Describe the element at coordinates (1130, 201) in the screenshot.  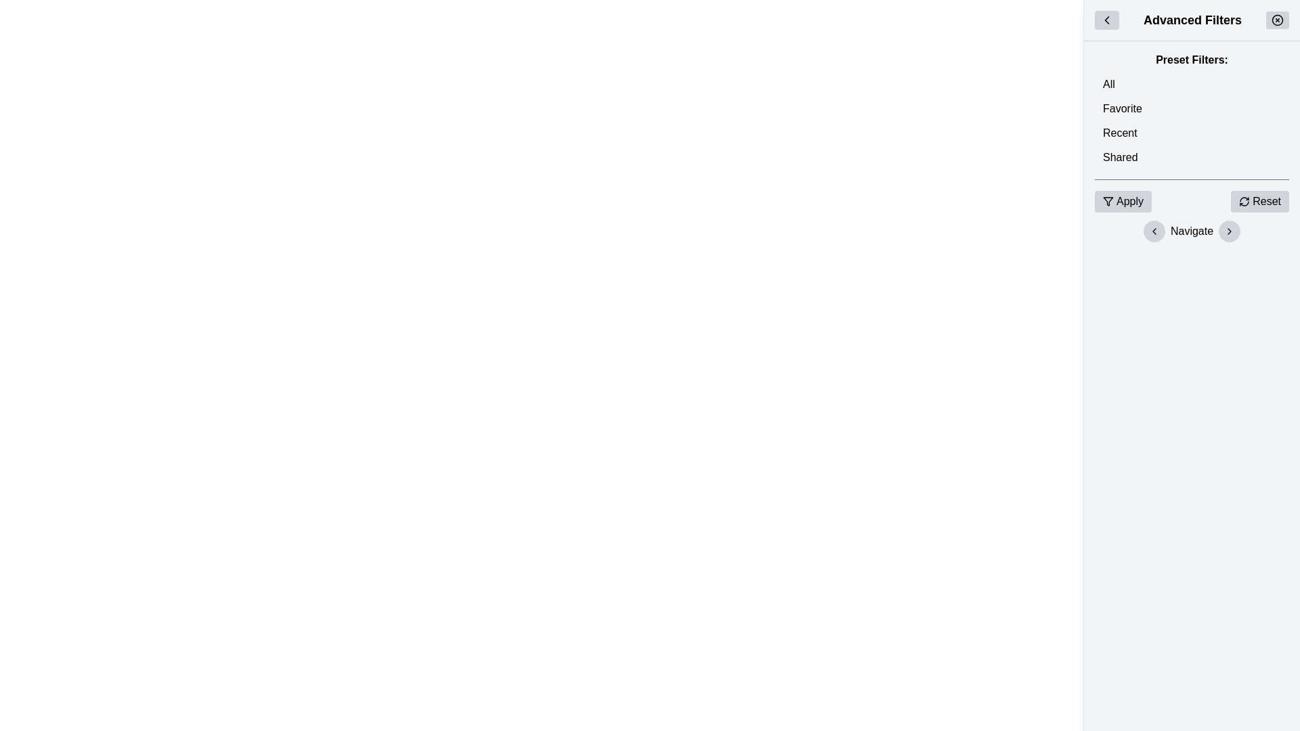
I see `the 'Apply' text label within the button that applies selected filters, located in the Advanced Filters section of the sidebar` at that location.